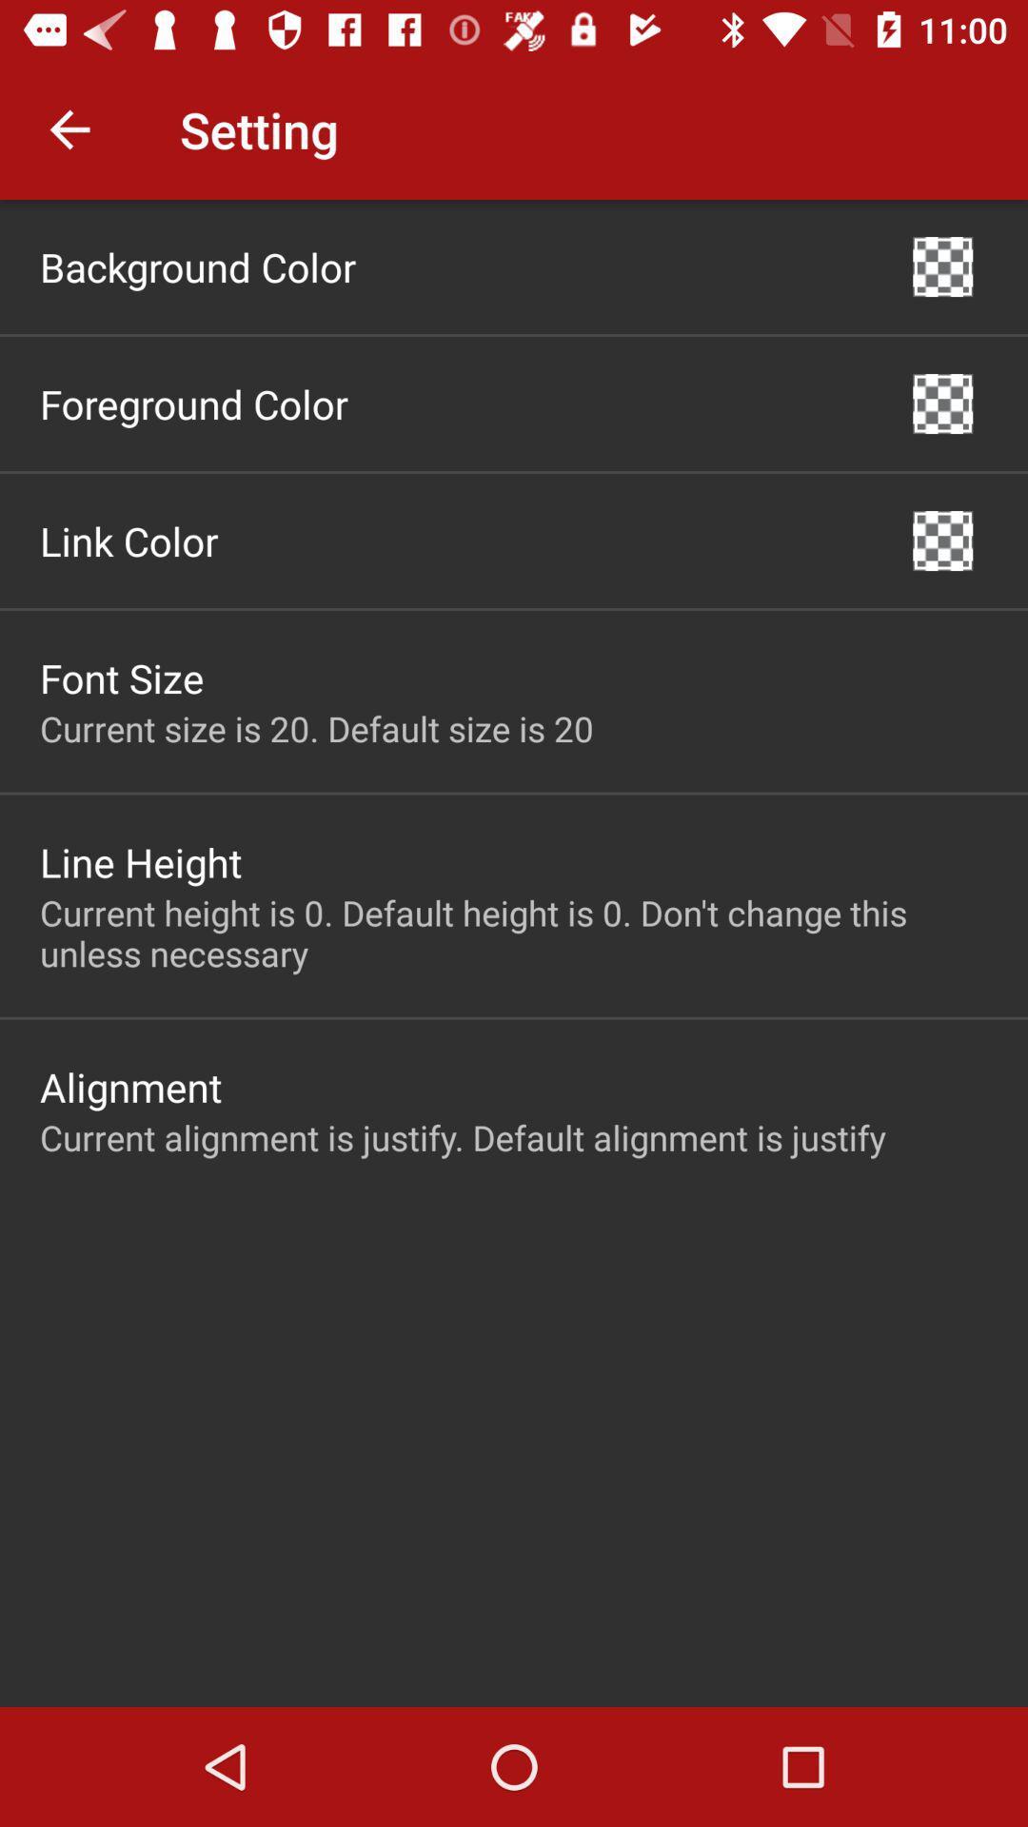 Image resolution: width=1028 pixels, height=1827 pixels. Describe the element at coordinates (942, 265) in the screenshot. I see `the item next to background color item` at that location.